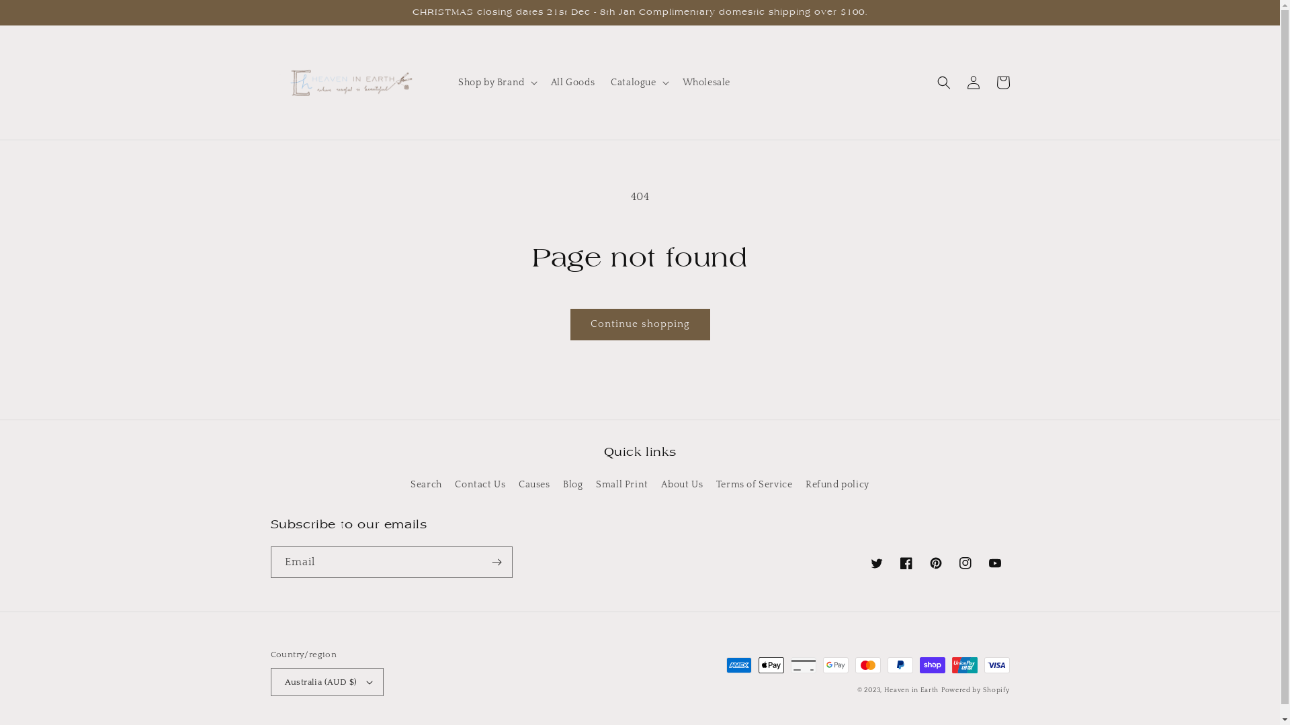 The height and width of the screenshot is (725, 1290). Describe the element at coordinates (963, 563) in the screenshot. I see `'Instagram'` at that location.